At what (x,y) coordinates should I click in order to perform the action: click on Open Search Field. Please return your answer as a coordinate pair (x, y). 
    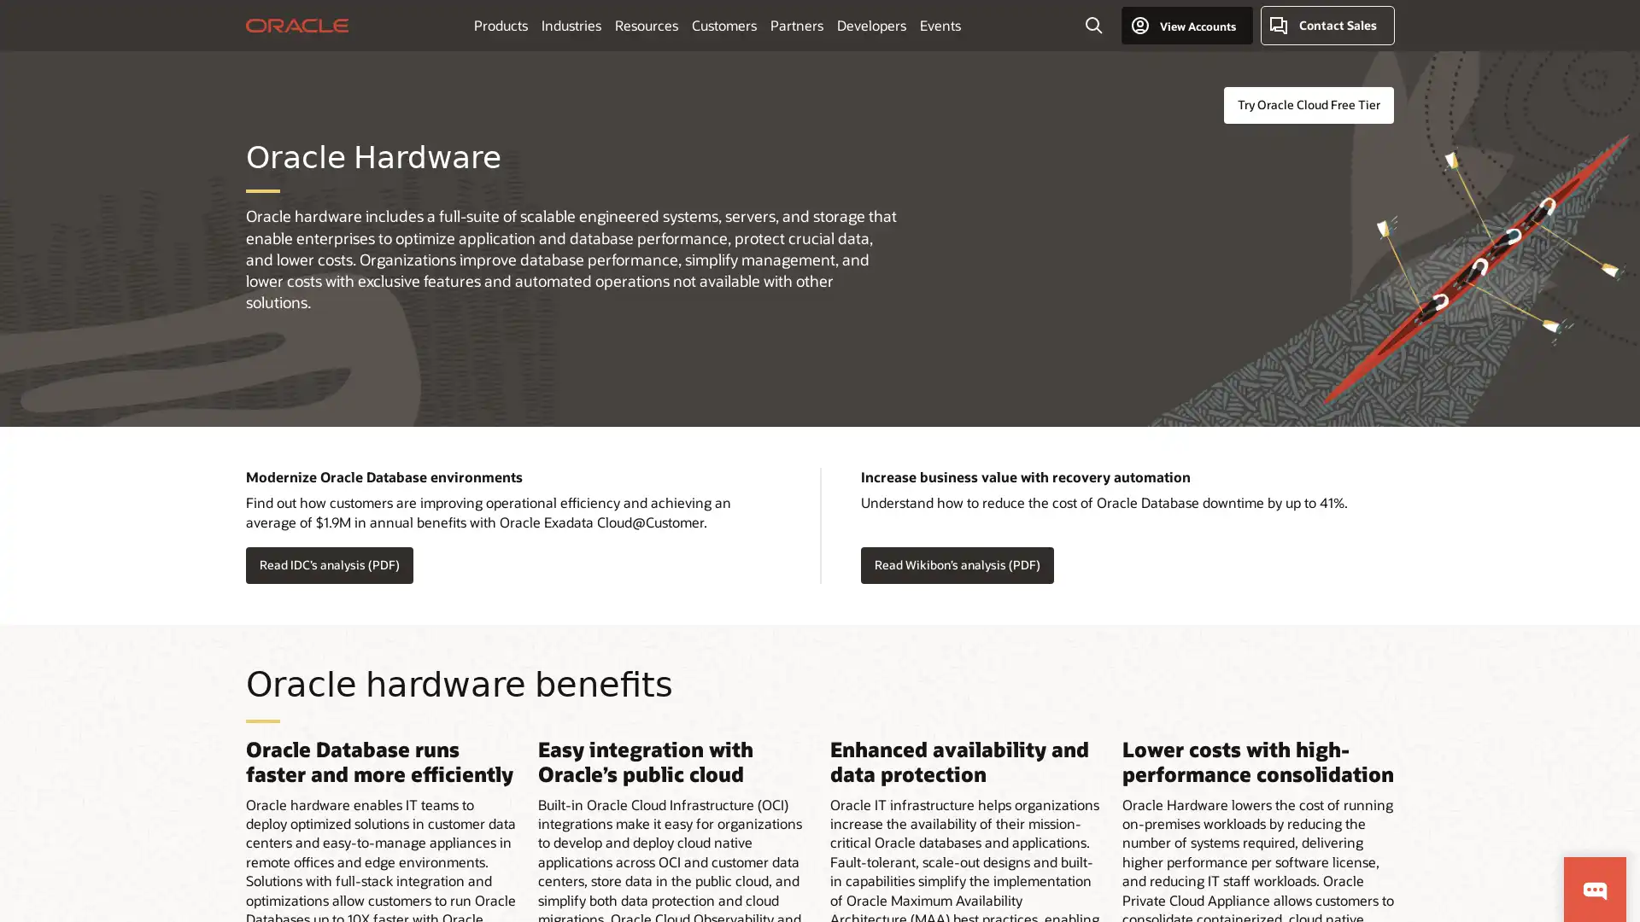
    Looking at the image, I should click on (1093, 26).